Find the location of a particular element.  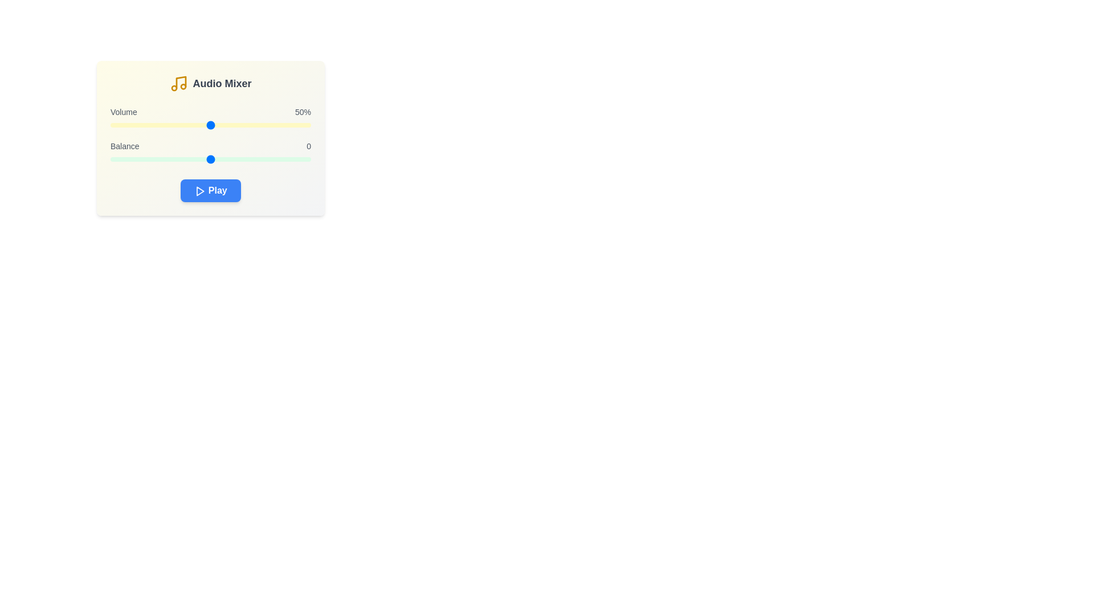

the volume is located at coordinates (223, 125).